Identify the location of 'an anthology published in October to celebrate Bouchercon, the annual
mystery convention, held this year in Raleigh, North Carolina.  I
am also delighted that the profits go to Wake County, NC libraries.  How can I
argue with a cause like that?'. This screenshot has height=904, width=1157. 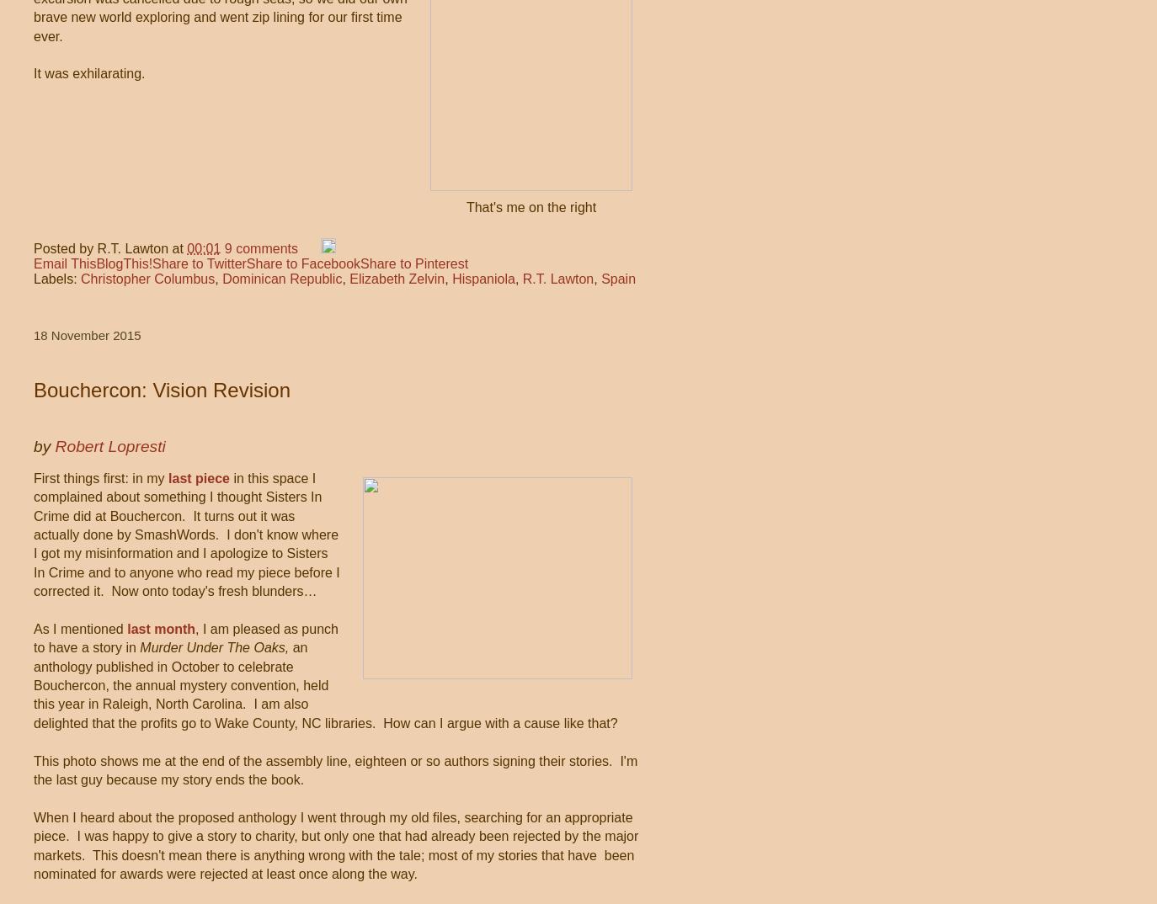
(32, 684).